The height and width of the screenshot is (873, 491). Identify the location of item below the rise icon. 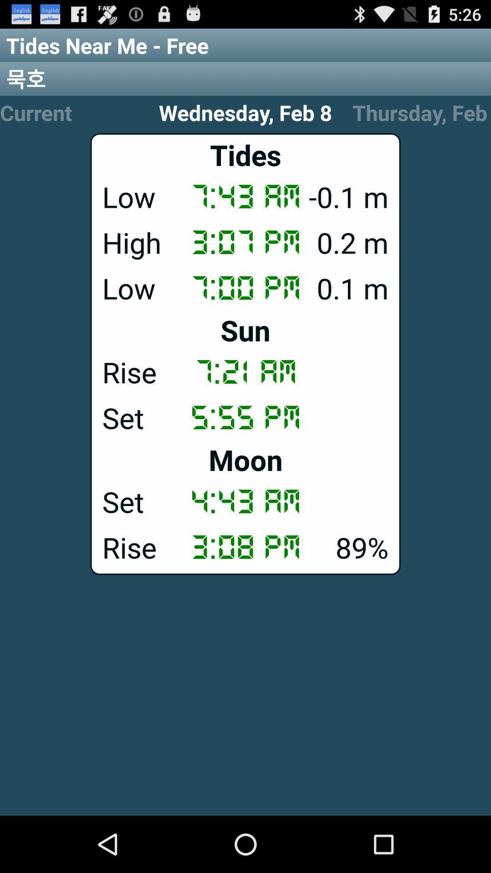
(245, 416).